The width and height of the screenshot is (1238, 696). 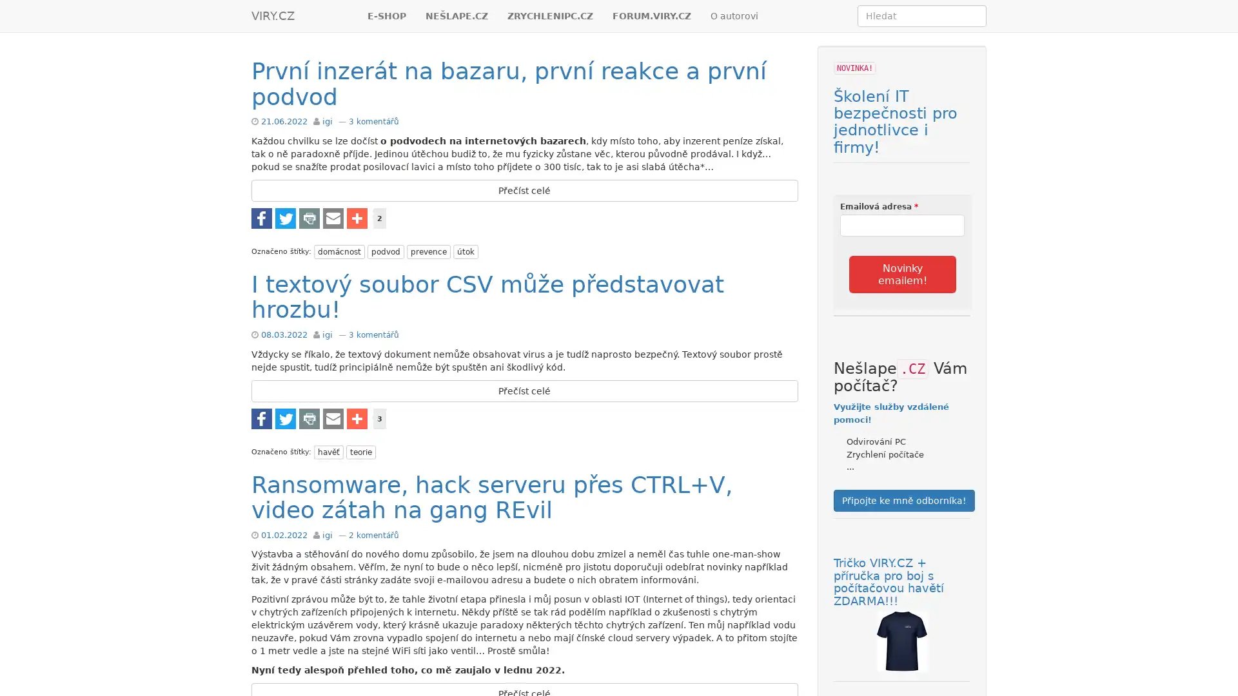 I want to click on Share to Tisknout, so click(x=309, y=418).